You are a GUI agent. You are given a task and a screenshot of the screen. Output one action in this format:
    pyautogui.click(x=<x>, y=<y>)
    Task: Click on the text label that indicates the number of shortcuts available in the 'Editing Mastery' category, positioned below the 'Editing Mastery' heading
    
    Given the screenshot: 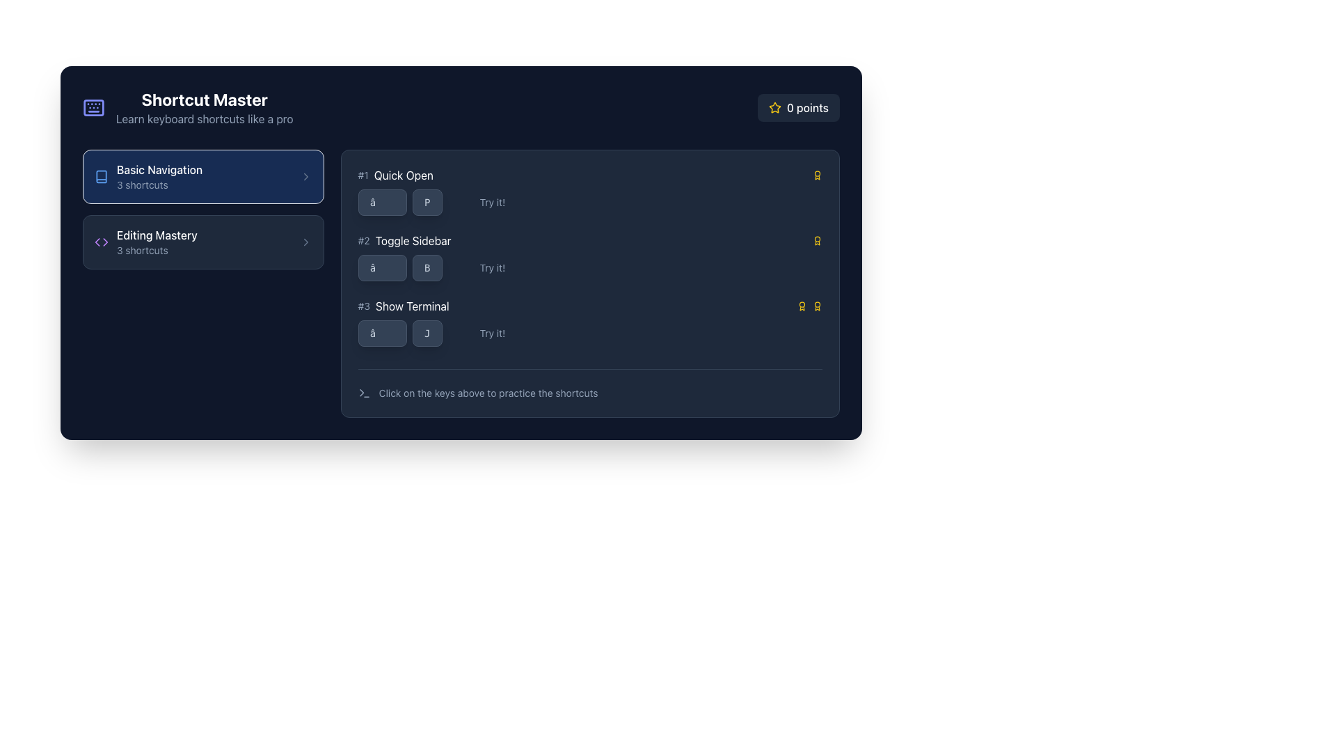 What is the action you would take?
    pyautogui.click(x=157, y=249)
    